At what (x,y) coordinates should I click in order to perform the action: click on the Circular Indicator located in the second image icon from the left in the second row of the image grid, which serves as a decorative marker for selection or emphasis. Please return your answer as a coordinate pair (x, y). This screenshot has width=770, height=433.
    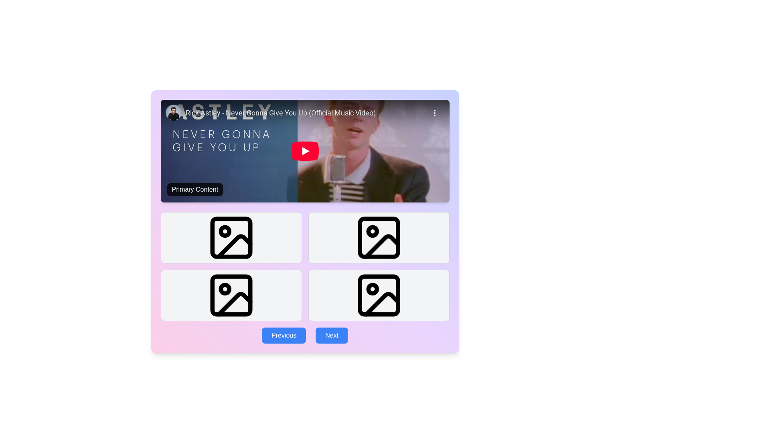
    Looking at the image, I should click on (225, 289).